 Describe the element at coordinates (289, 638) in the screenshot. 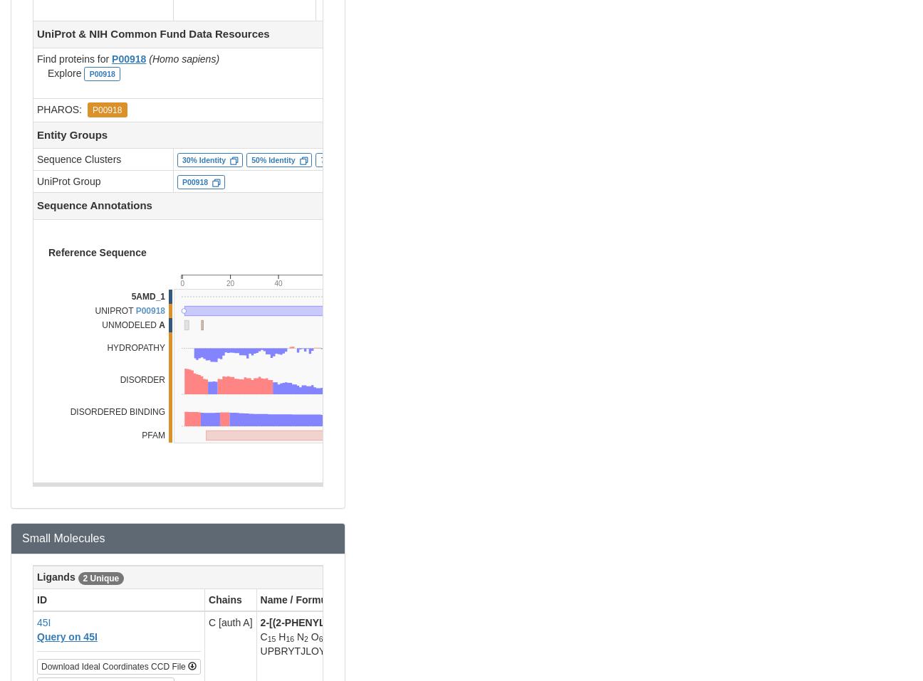

I see `'16'` at that location.